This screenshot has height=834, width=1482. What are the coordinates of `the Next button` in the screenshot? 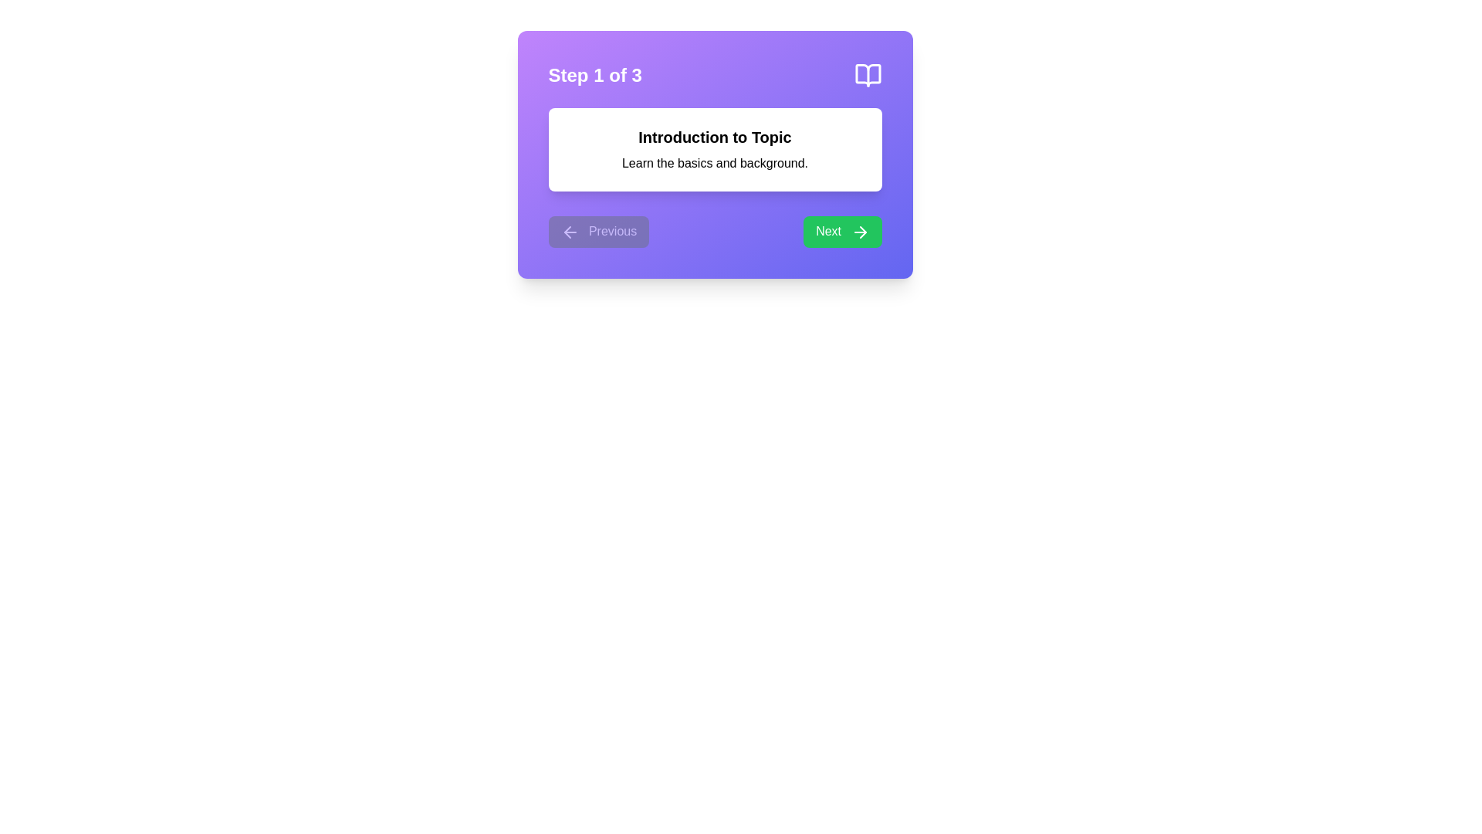 It's located at (841, 232).